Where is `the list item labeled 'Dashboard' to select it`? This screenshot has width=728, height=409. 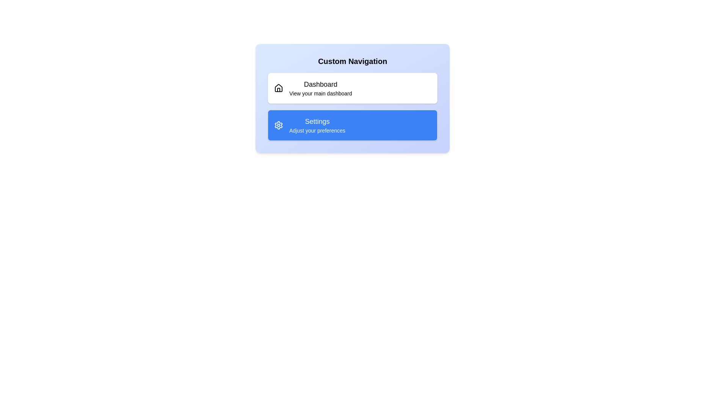 the list item labeled 'Dashboard' to select it is located at coordinates (352, 87).